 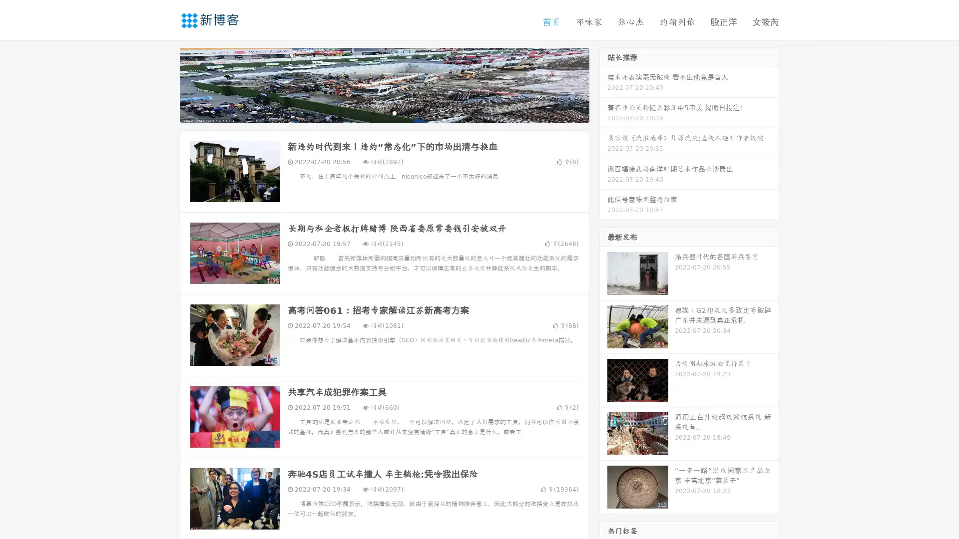 I want to click on Go to slide 3, so click(x=394, y=112).